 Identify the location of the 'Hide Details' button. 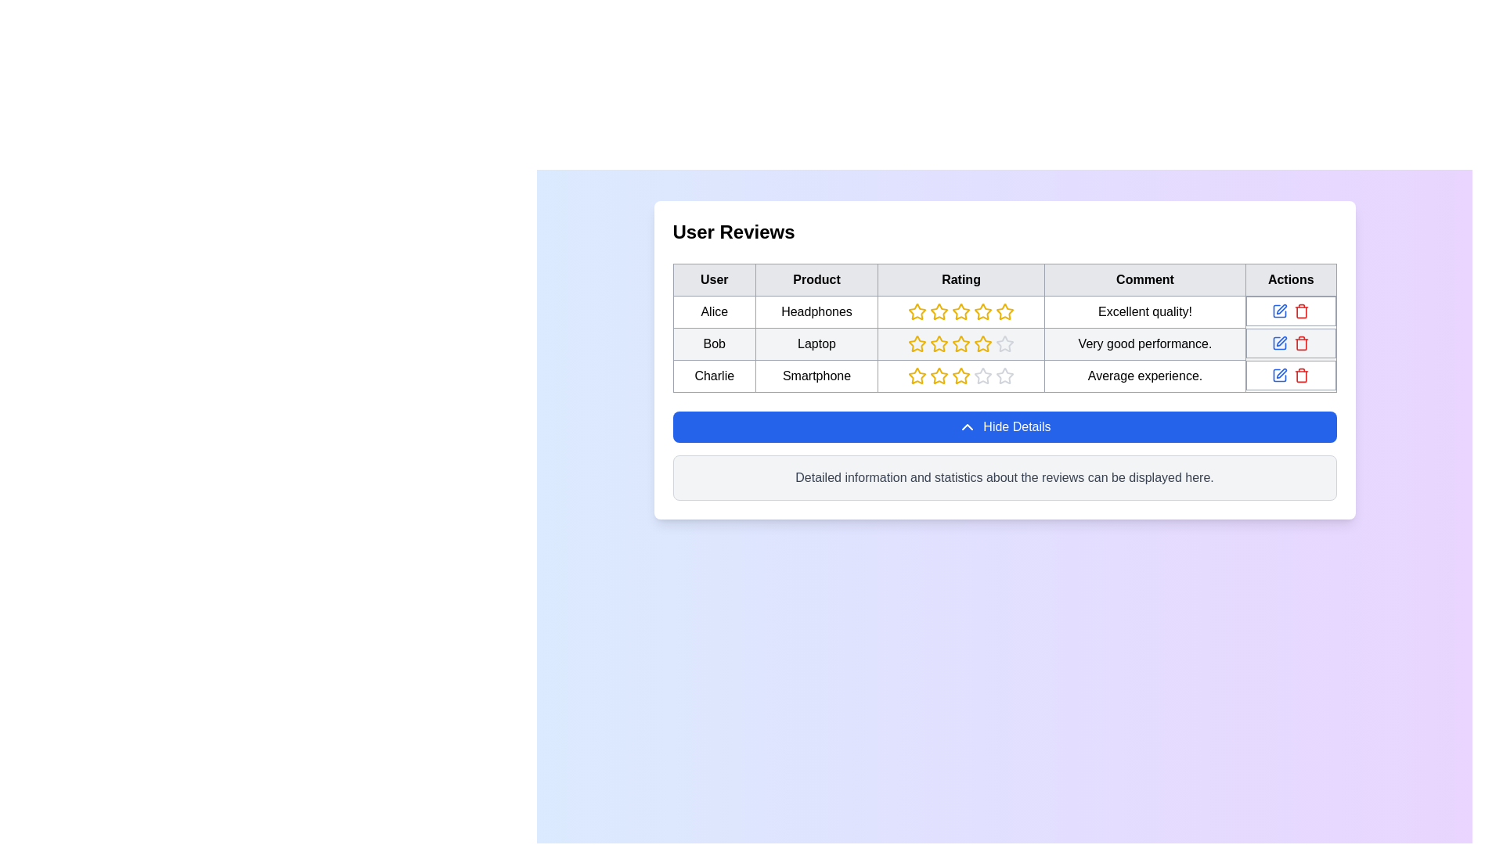
(1004, 427).